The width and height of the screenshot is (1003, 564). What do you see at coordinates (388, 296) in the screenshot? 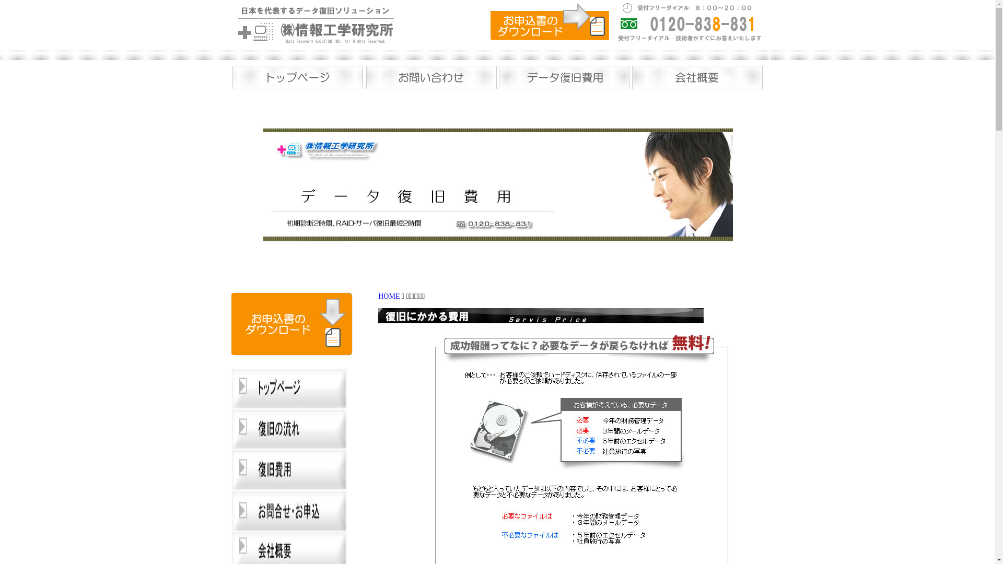
I see `'HOME'` at bounding box center [388, 296].